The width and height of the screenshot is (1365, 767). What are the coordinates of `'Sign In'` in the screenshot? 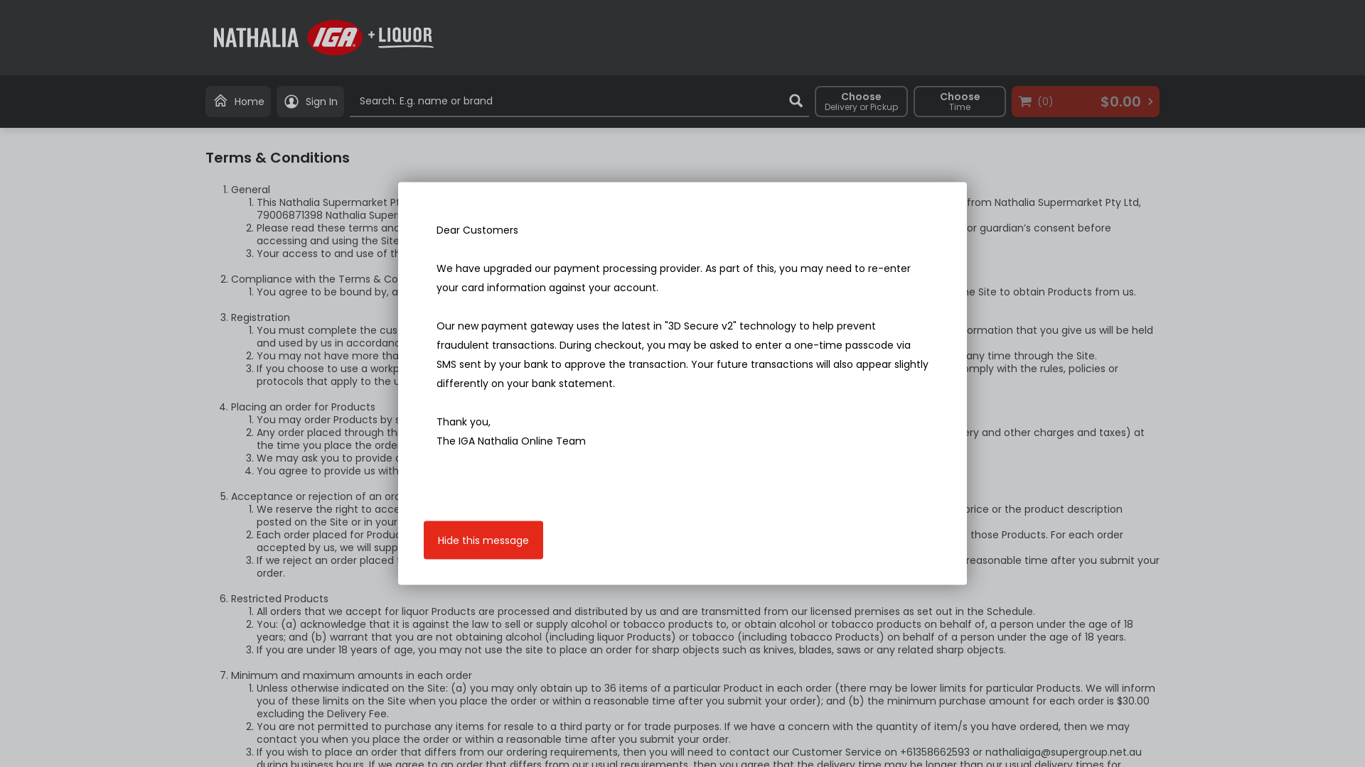 It's located at (276, 100).